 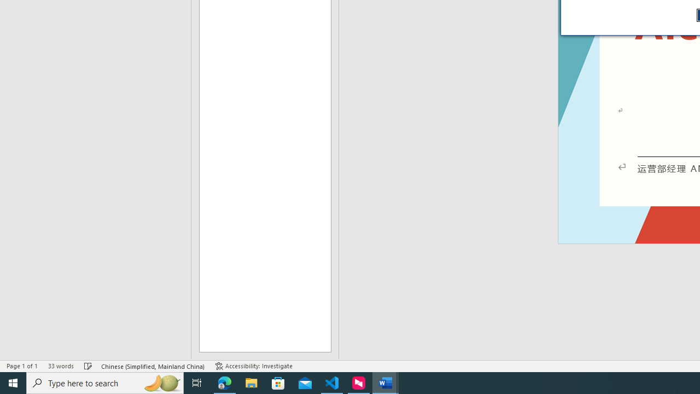 I want to click on 'Microsoft Store', so click(x=278, y=382).